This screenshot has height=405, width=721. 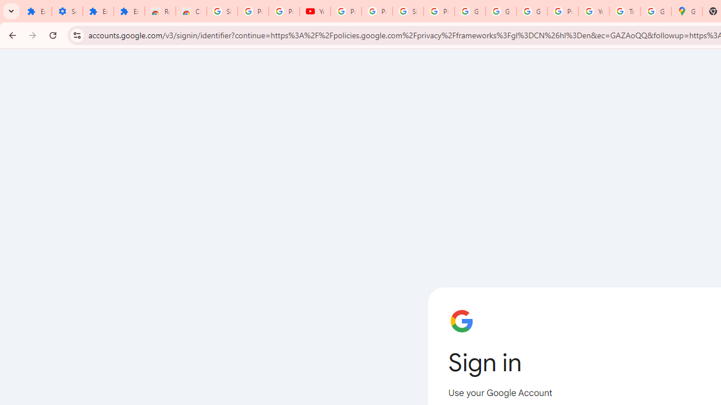 I want to click on 'Chrome Web Store - Themes', so click(x=191, y=11).